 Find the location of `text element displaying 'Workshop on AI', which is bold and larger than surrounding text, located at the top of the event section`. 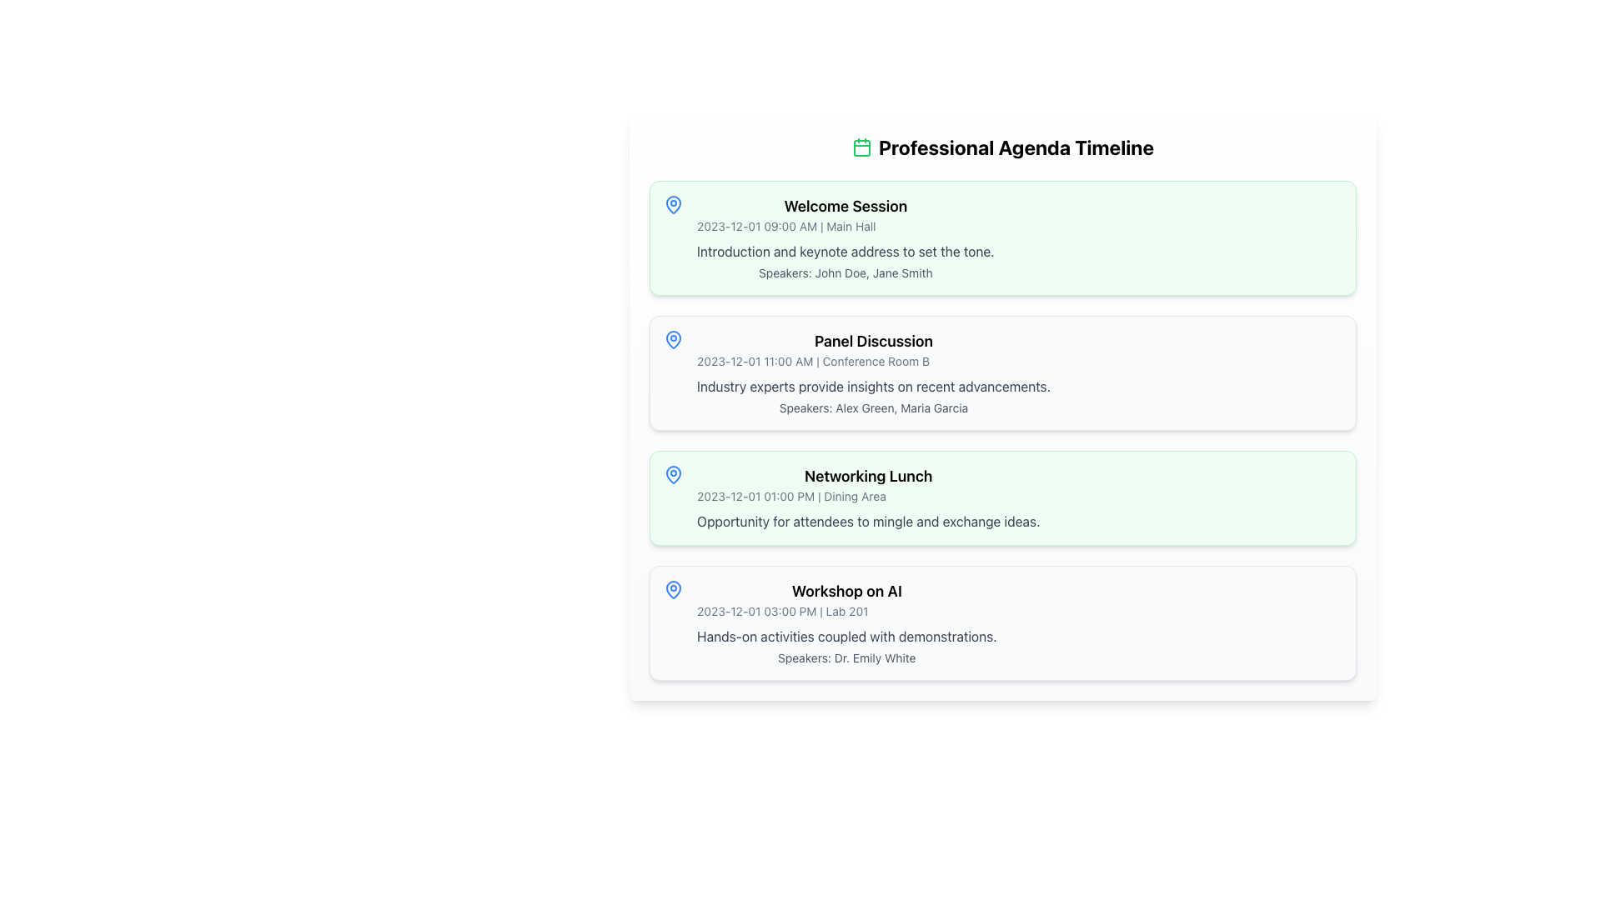

text element displaying 'Workshop on AI', which is bold and larger than surrounding text, located at the top of the event section is located at coordinates (846, 590).